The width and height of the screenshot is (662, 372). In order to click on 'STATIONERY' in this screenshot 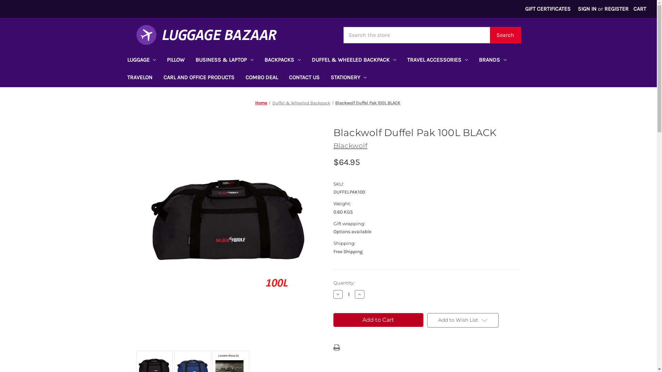, I will do `click(348, 78)`.